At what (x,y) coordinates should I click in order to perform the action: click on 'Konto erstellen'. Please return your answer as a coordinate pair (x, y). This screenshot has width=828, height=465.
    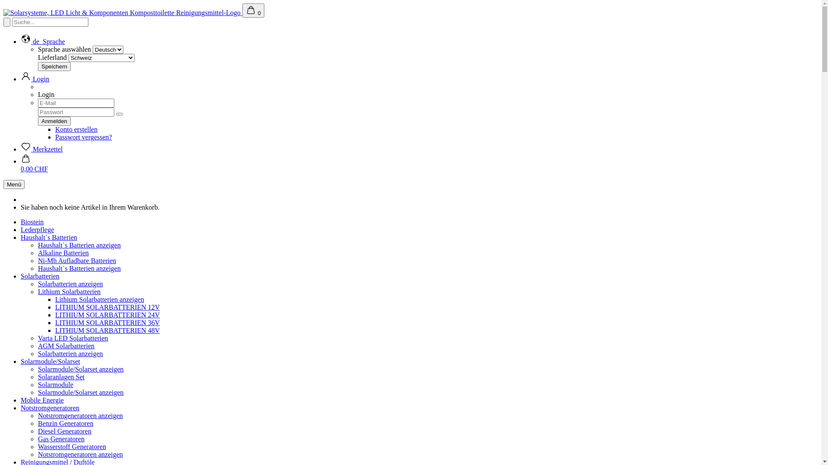
    Looking at the image, I should click on (76, 129).